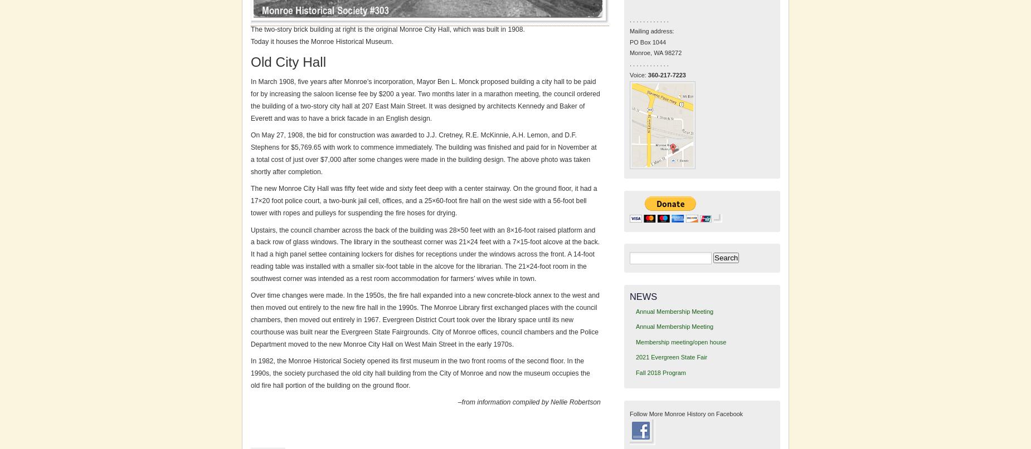 The width and height of the screenshot is (1031, 449). I want to click on 'Voice:', so click(629, 73).